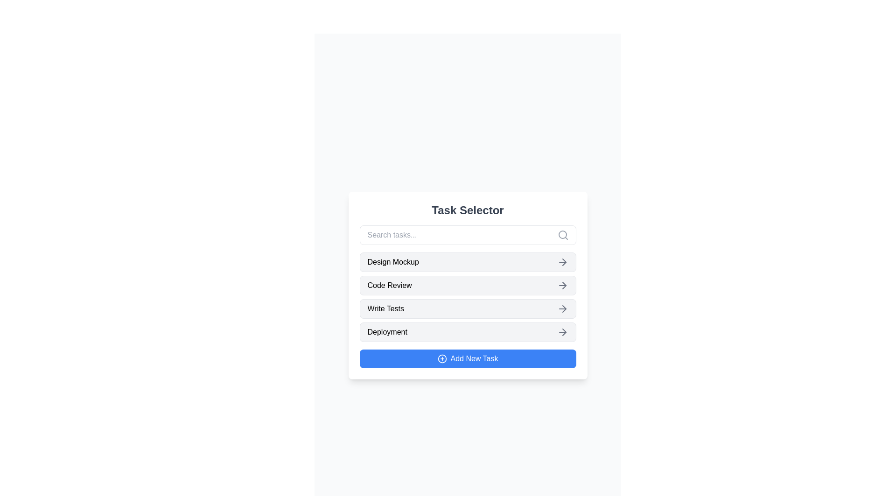 This screenshot has height=504, width=896. Describe the element at coordinates (468, 262) in the screenshot. I see `the 'Design Mockup' selection button with a light gray background and rounded edges` at that location.